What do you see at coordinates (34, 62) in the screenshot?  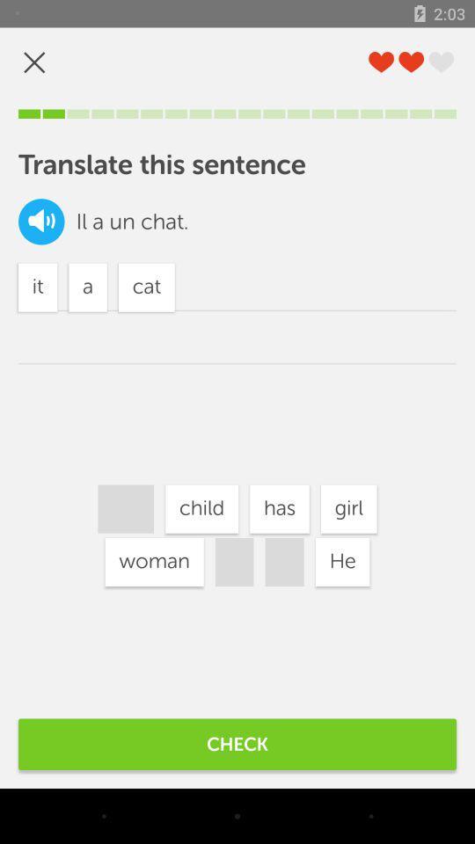 I see `the close icon` at bounding box center [34, 62].